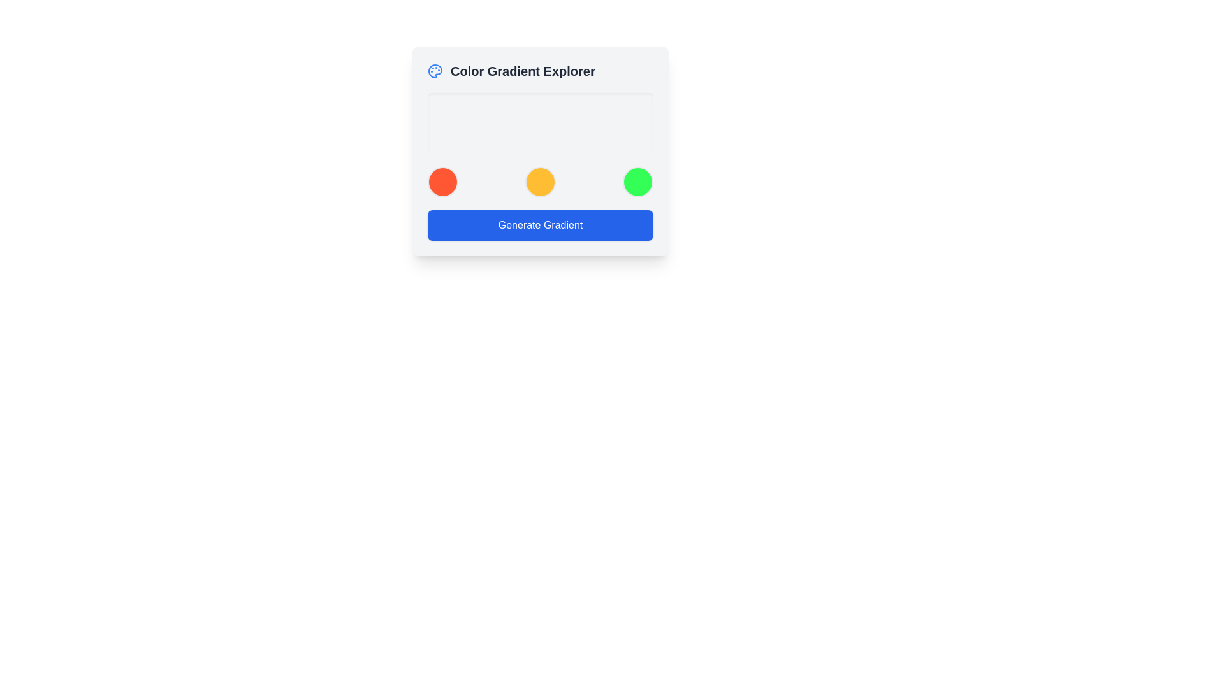 This screenshot has width=1224, height=688. I want to click on the rightmost circular UI component with a green background and a 2-pixel border, located above the blue 'Generate Gradient' button, so click(638, 182).